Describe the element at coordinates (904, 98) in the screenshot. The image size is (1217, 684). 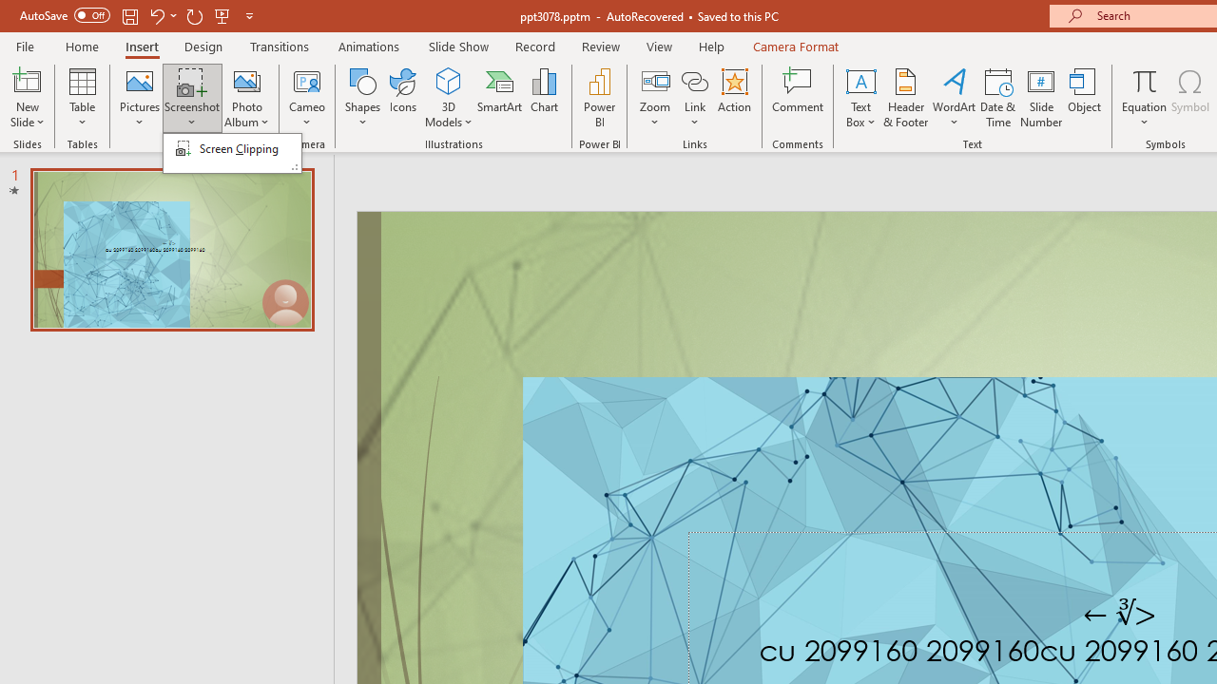
I see `'Header & Footer...'` at that location.